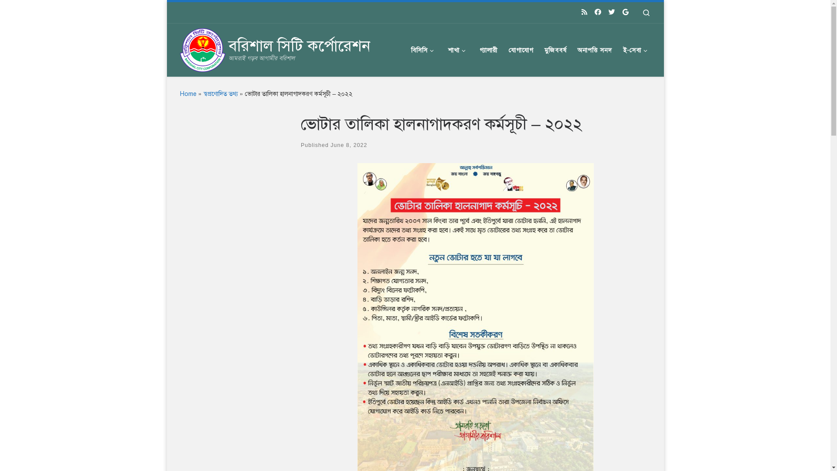 Image resolution: width=837 pixels, height=471 pixels. I want to click on 'Follow us on Twitter', so click(611, 12).